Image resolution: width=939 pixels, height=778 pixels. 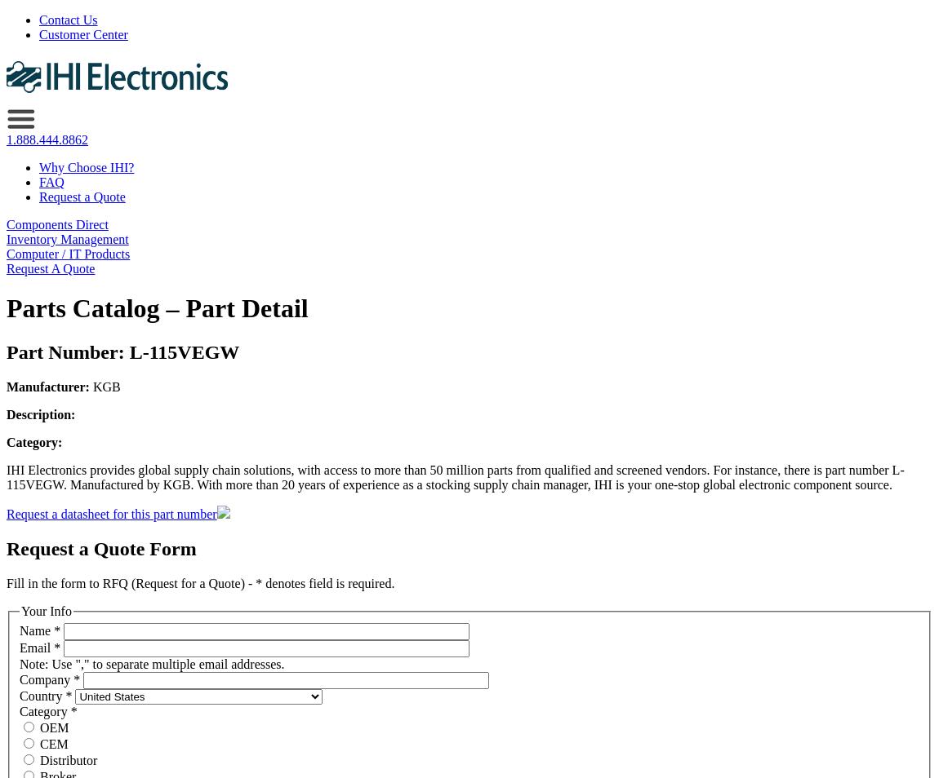 I want to click on 'Company', so click(x=19, y=679).